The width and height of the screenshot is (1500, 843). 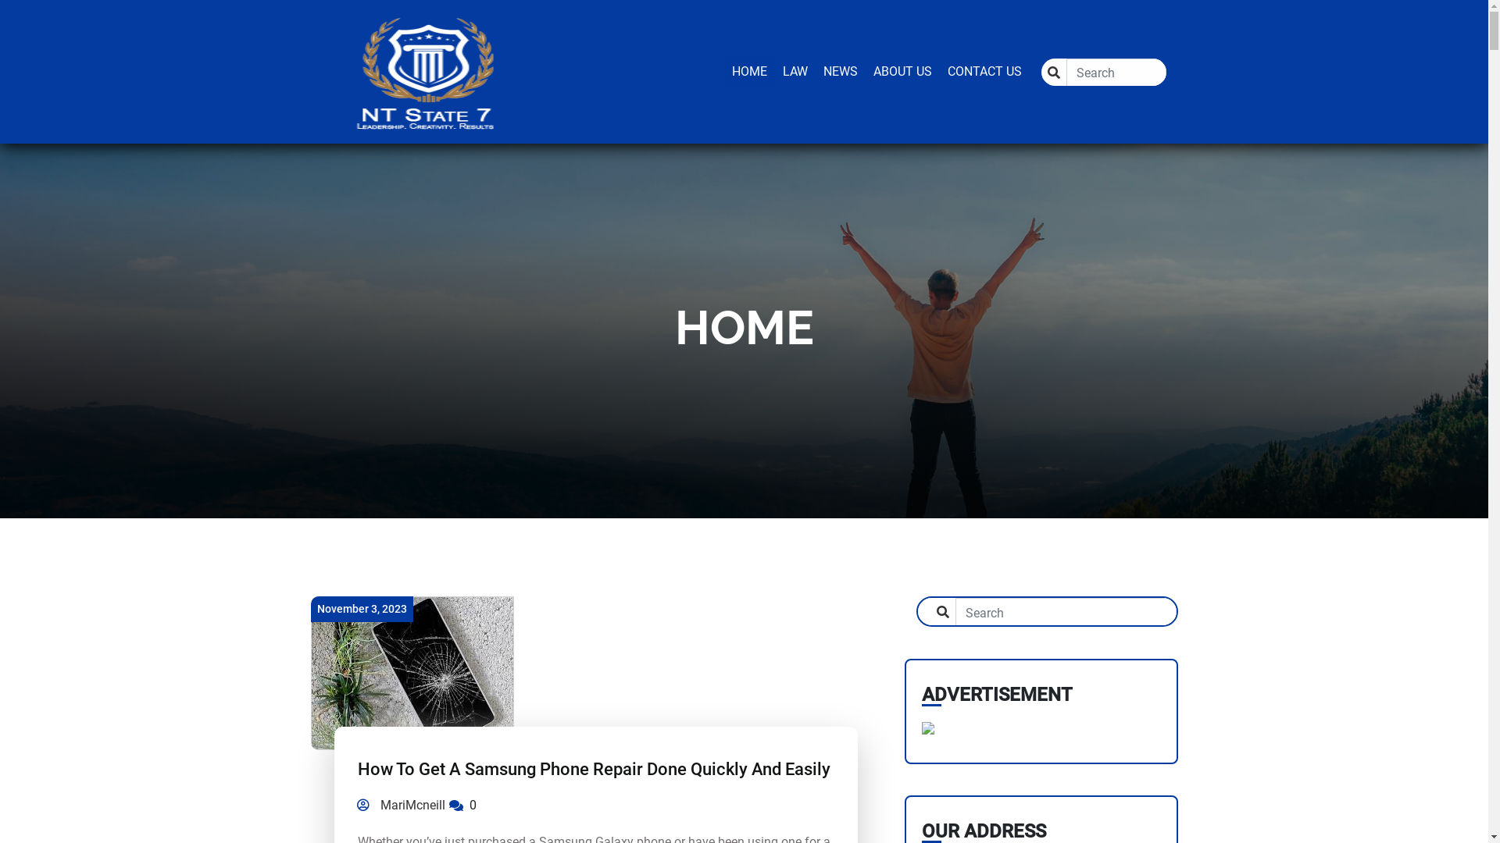 What do you see at coordinates (839, 71) in the screenshot?
I see `'NEWS'` at bounding box center [839, 71].